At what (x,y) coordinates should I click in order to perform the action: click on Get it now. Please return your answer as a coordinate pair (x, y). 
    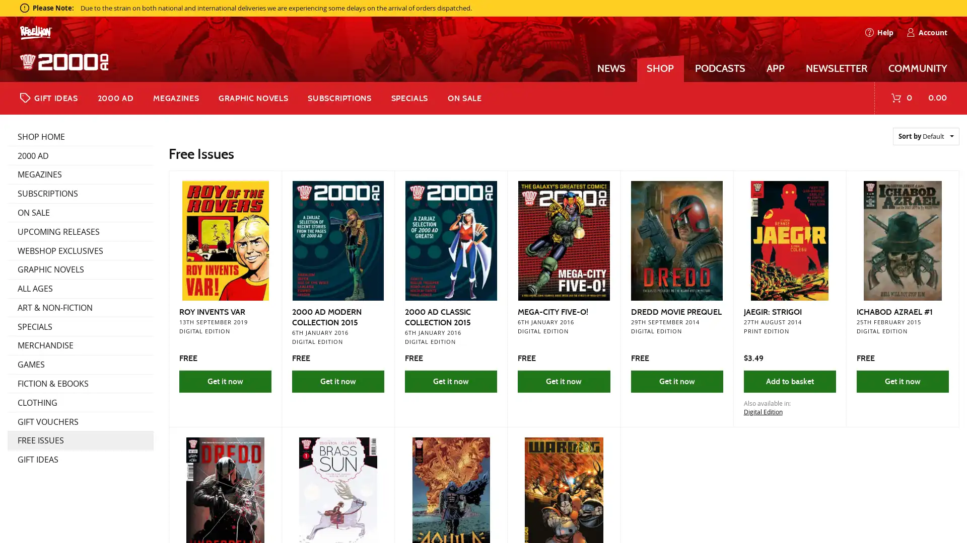
    Looking at the image, I should click on (224, 381).